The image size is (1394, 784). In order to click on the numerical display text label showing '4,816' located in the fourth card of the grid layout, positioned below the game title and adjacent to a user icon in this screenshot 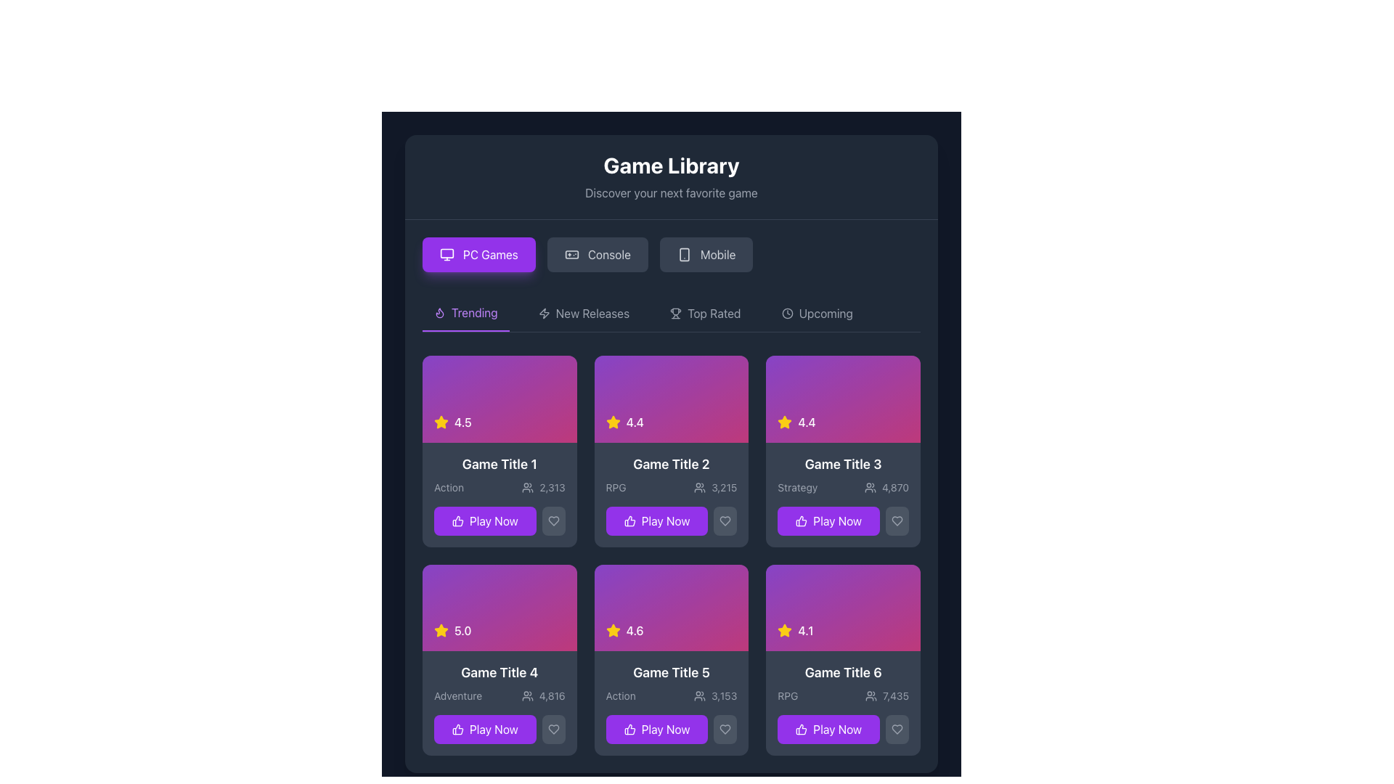, I will do `click(542, 695)`.